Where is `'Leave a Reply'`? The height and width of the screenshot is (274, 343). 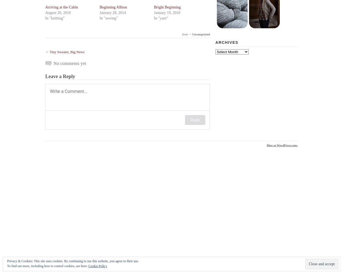 'Leave a Reply' is located at coordinates (60, 76).